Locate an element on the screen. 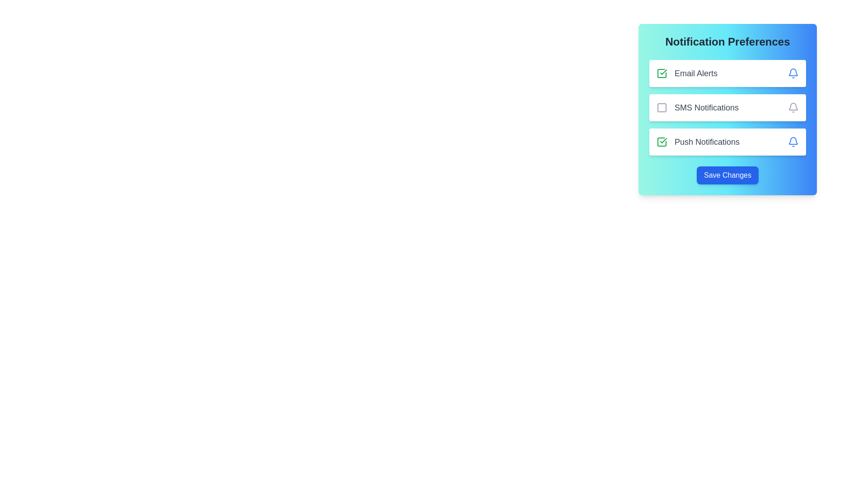  the checkbox for 'Push Notifications' is located at coordinates (727, 142).